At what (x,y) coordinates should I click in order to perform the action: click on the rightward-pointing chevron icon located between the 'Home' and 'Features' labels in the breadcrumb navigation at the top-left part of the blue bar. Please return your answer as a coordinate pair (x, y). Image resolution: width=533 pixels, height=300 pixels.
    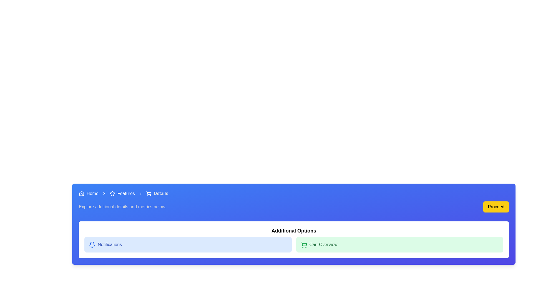
    Looking at the image, I should click on (104, 193).